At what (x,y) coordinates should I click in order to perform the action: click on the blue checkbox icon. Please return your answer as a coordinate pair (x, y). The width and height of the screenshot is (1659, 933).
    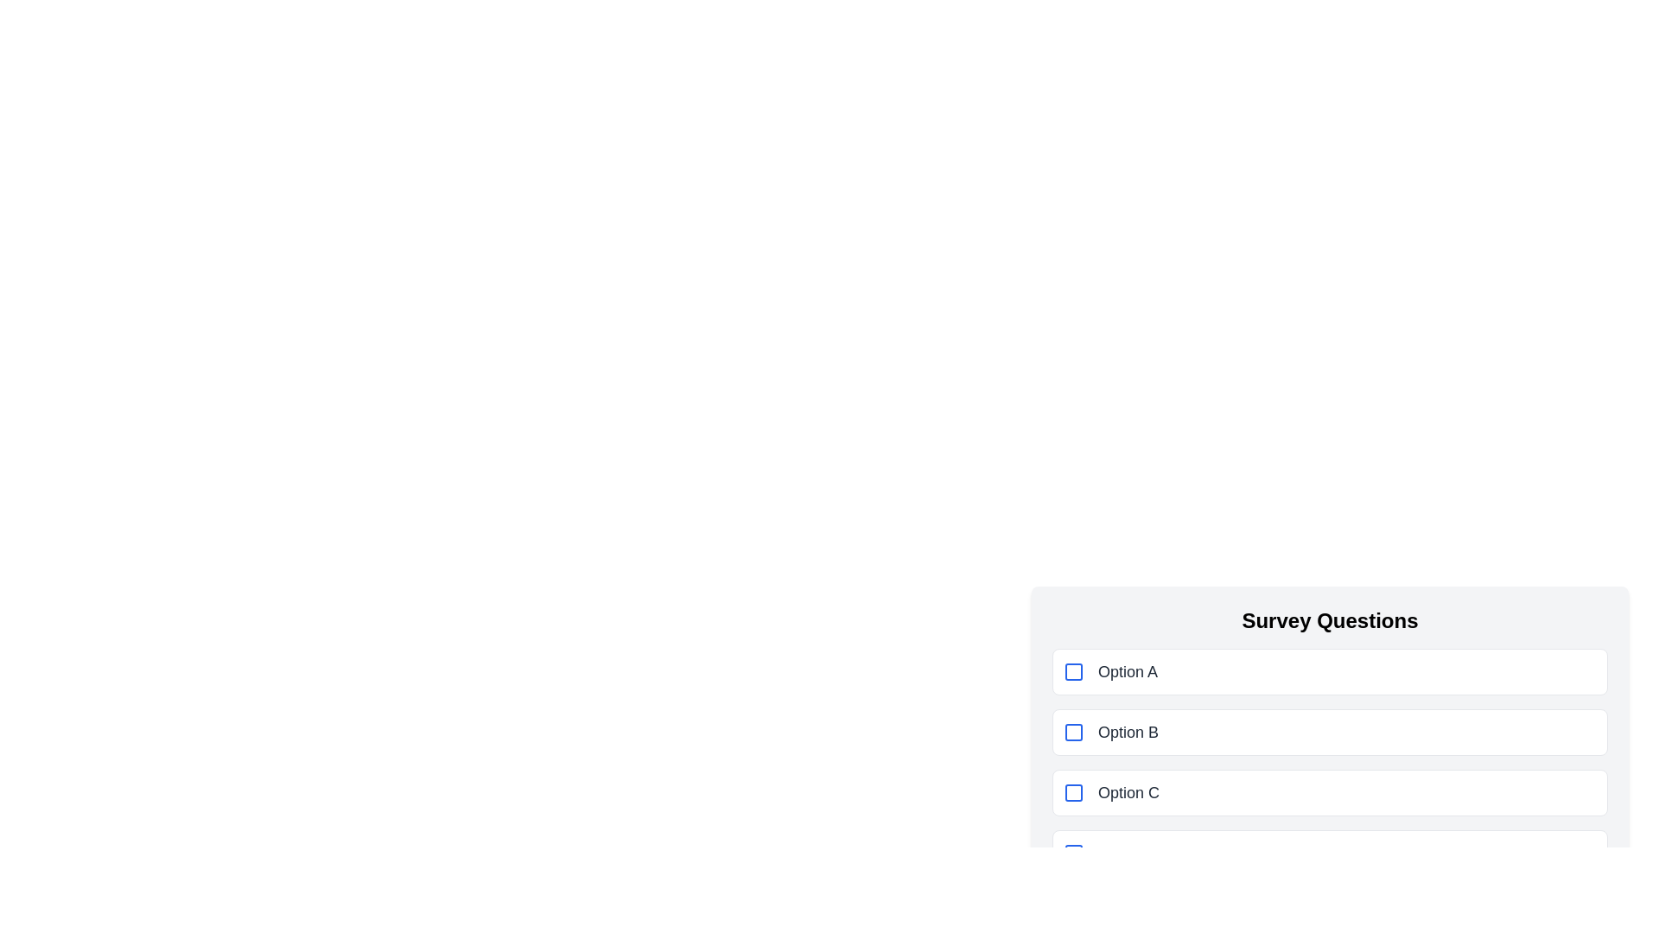
    Looking at the image, I should click on (1073, 793).